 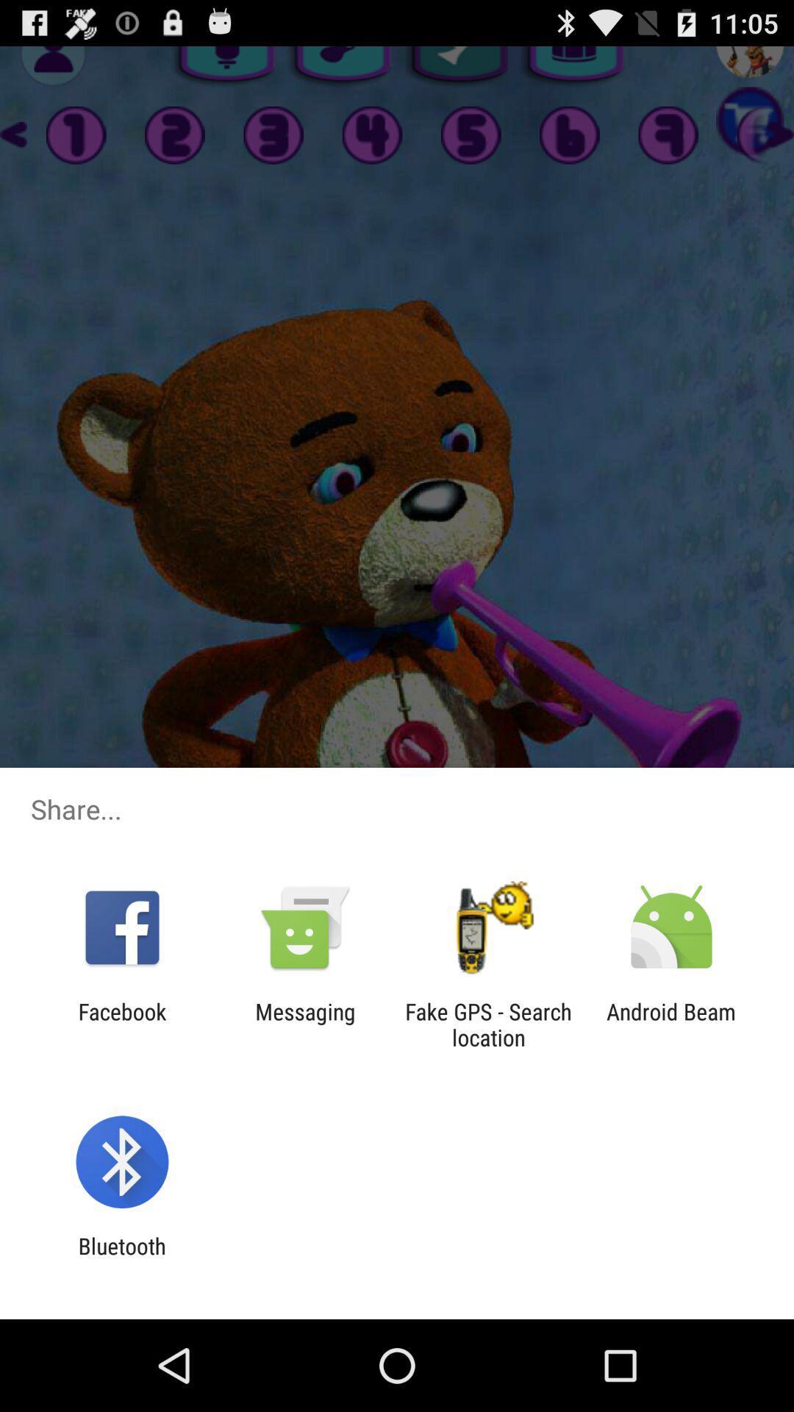 I want to click on messaging app, so click(x=304, y=1024).